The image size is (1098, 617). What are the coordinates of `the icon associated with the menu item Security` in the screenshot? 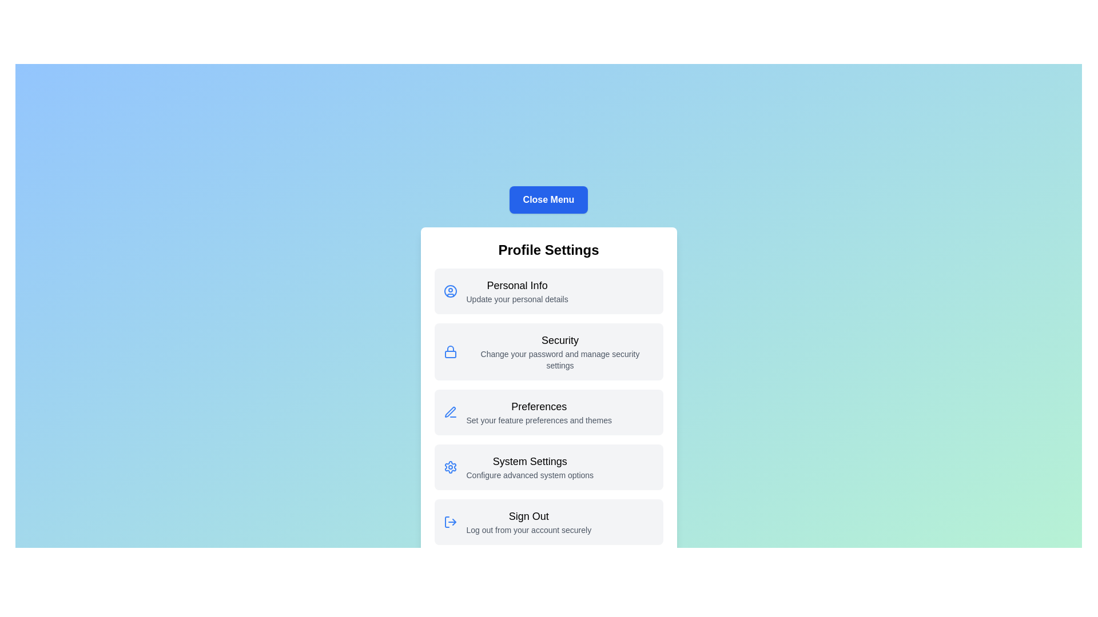 It's located at (449, 351).